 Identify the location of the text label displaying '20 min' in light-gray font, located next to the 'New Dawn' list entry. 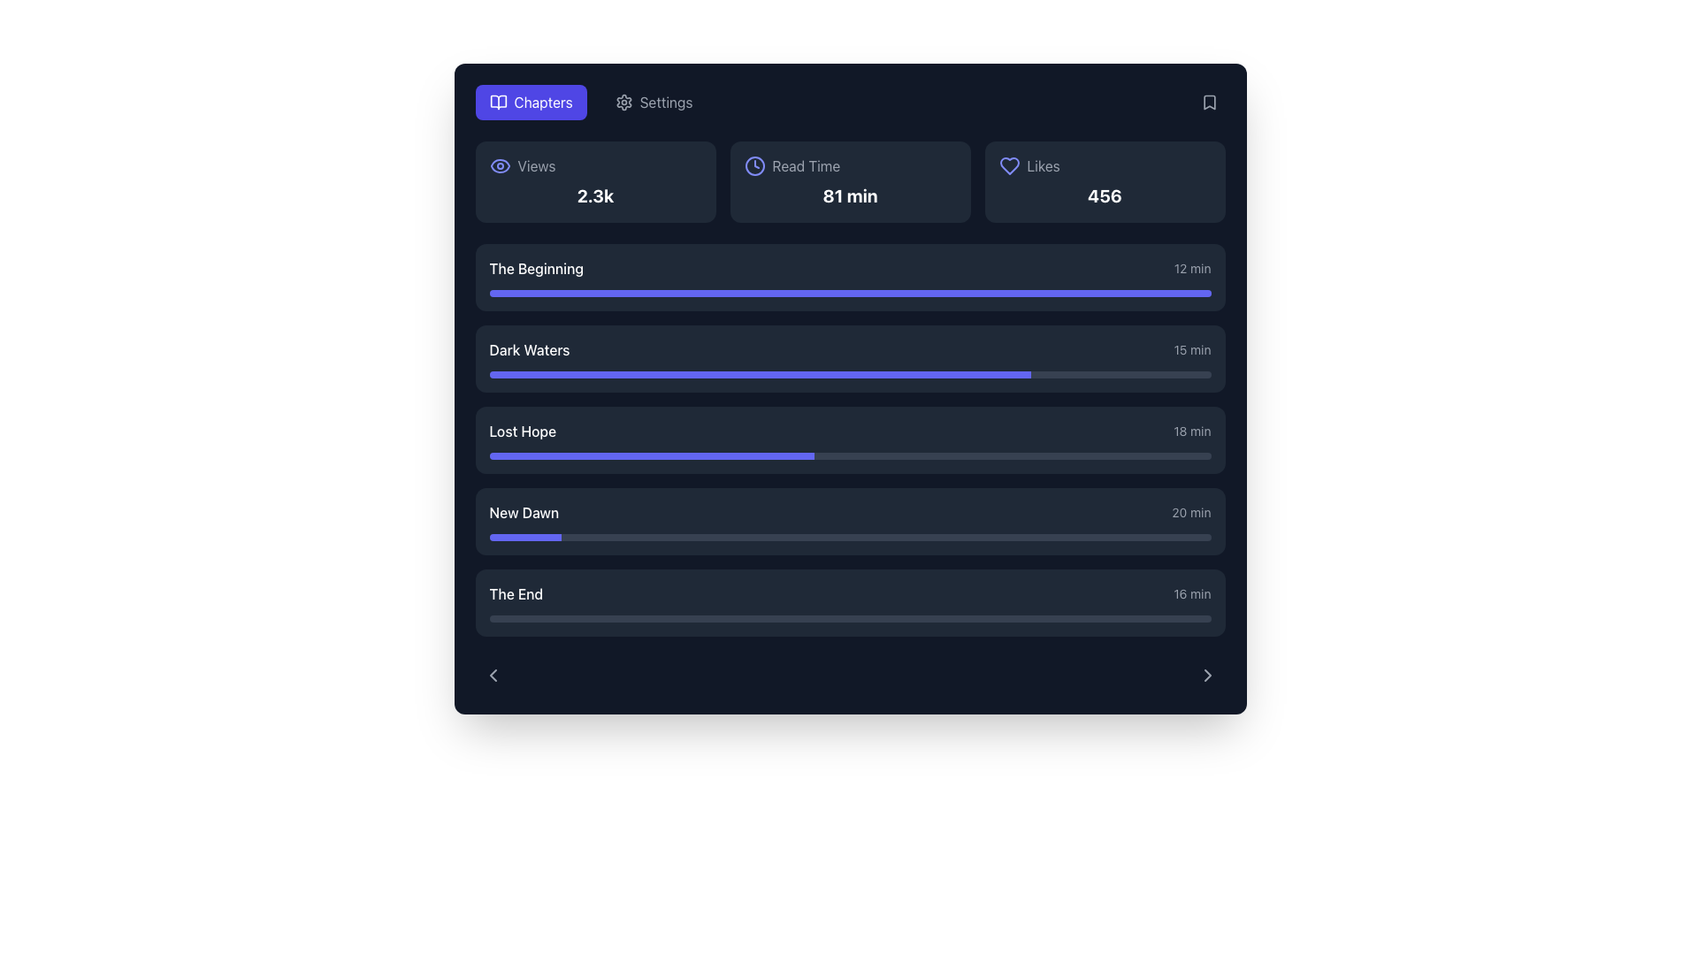
(1191, 512).